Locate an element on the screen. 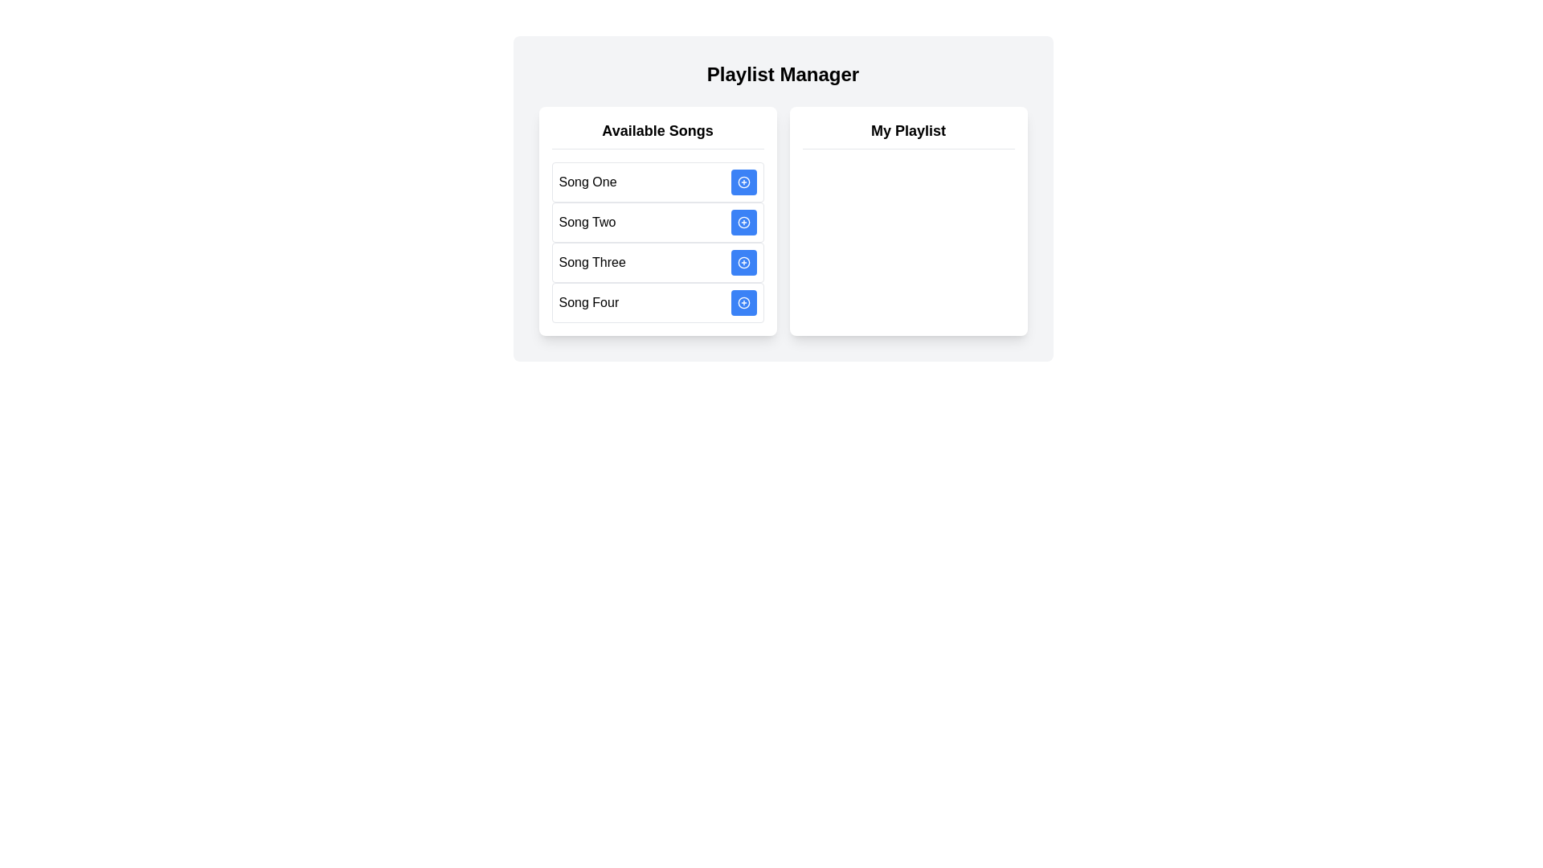 The width and height of the screenshot is (1543, 868). 'Add' button next to the song titled Song One to add it to the playlist is located at coordinates (743, 182).